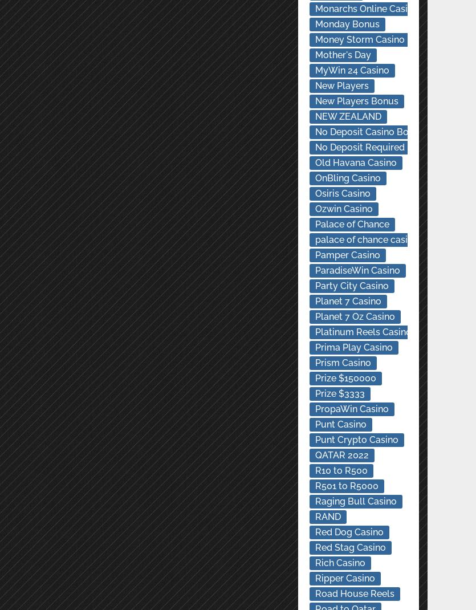 The image size is (476, 610). Describe the element at coordinates (341, 193) in the screenshot. I see `'Osiris Casino'` at that location.